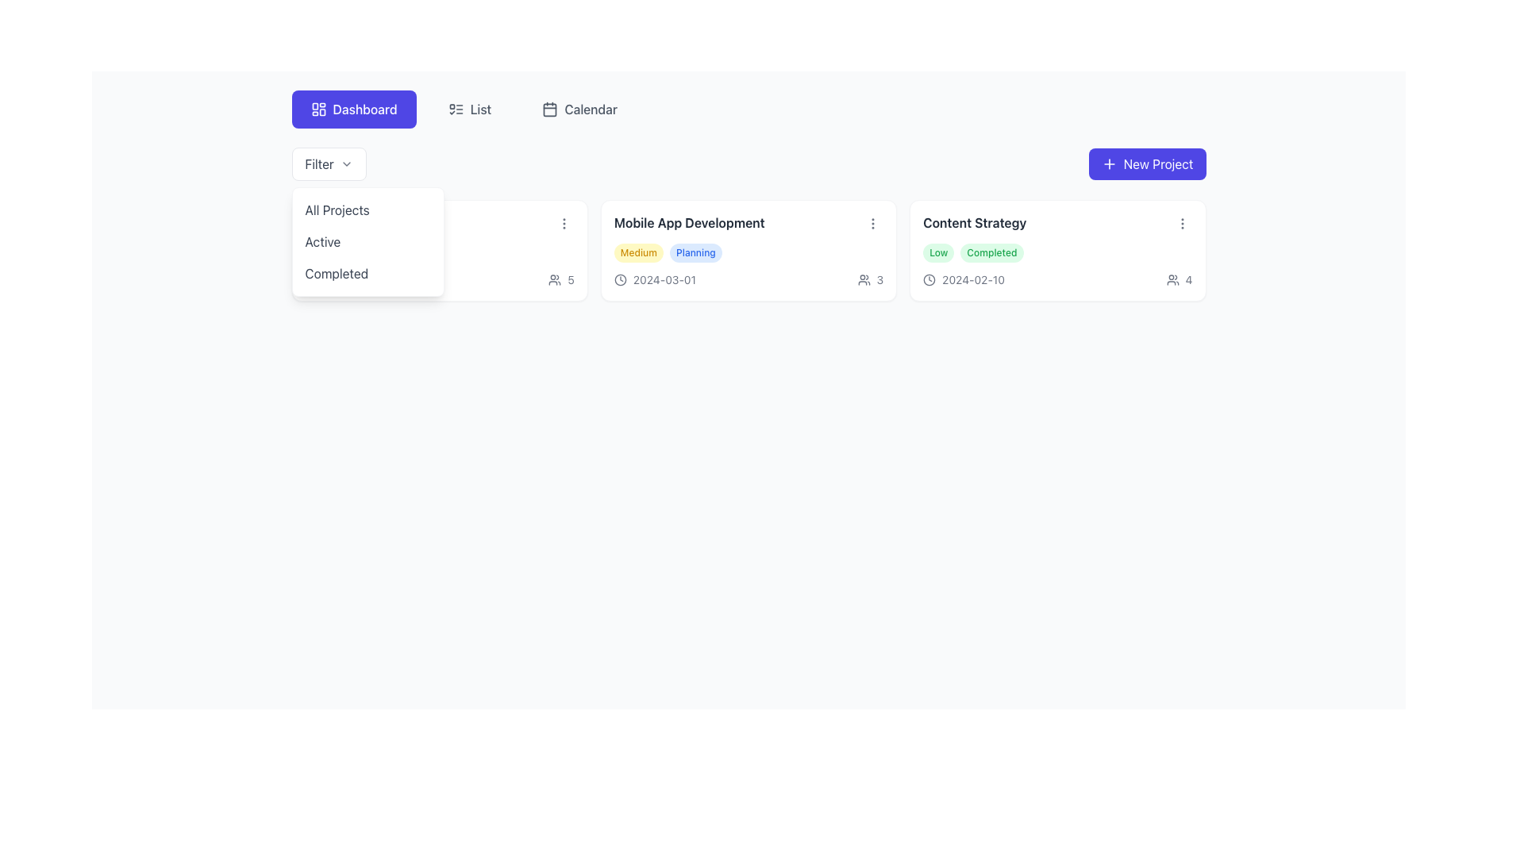 This screenshot has width=1524, height=857. What do you see at coordinates (638, 252) in the screenshot?
I see `the 'Medium' priority tag located in the 'Mobile App Development' card area, near the top-left corner of the content panel` at bounding box center [638, 252].